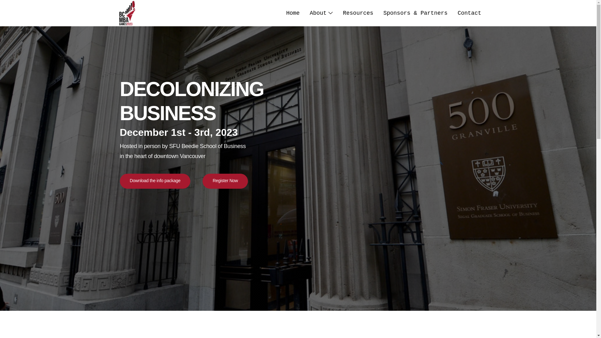  I want to click on 'Home', so click(292, 13).